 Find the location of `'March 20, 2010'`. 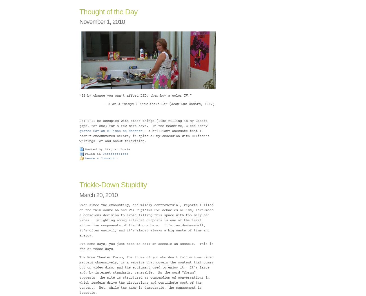

'March 20, 2010' is located at coordinates (98, 195).